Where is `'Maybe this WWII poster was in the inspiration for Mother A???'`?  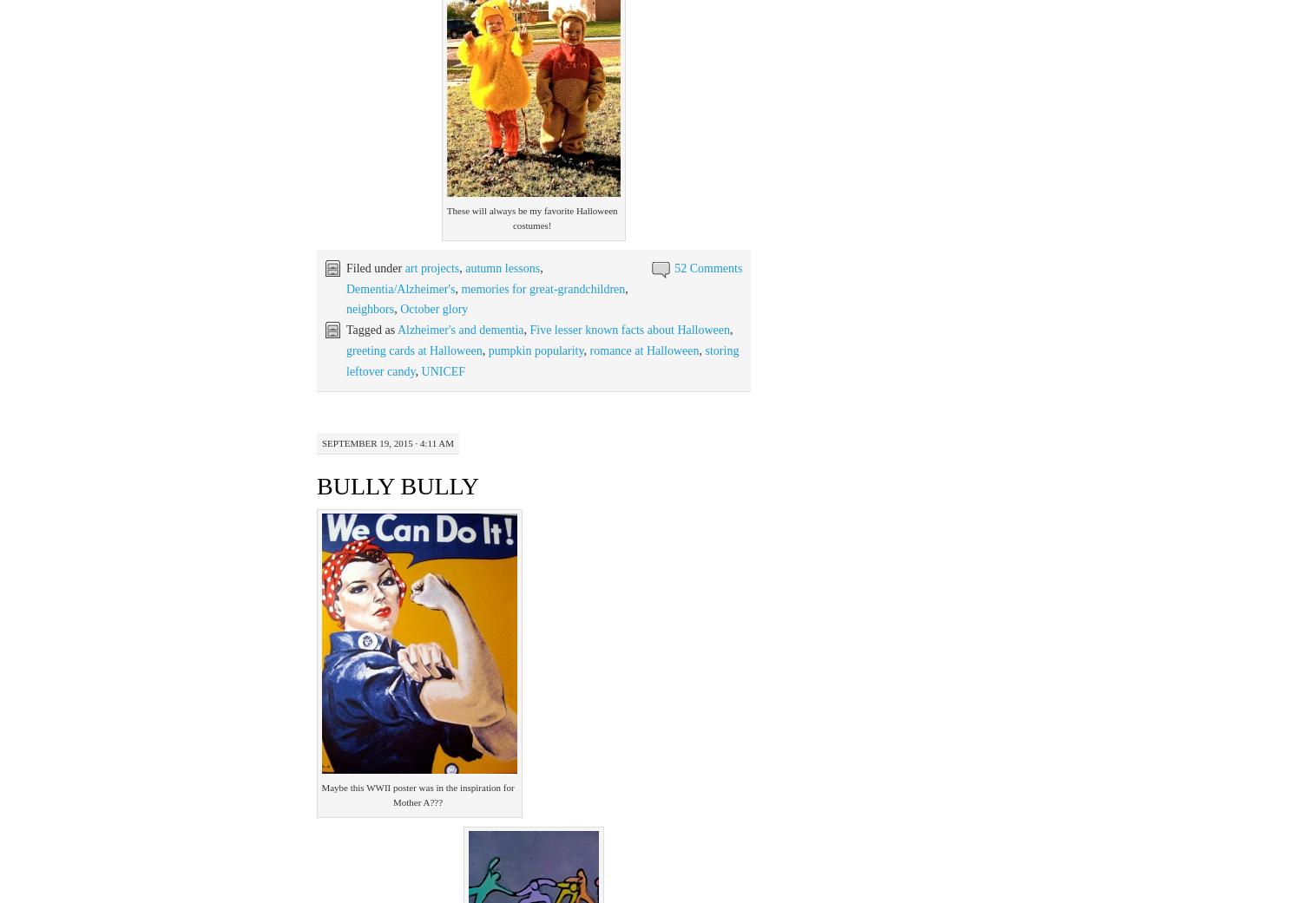
'Maybe this WWII poster was in the inspiration for Mother A???' is located at coordinates (417, 794).